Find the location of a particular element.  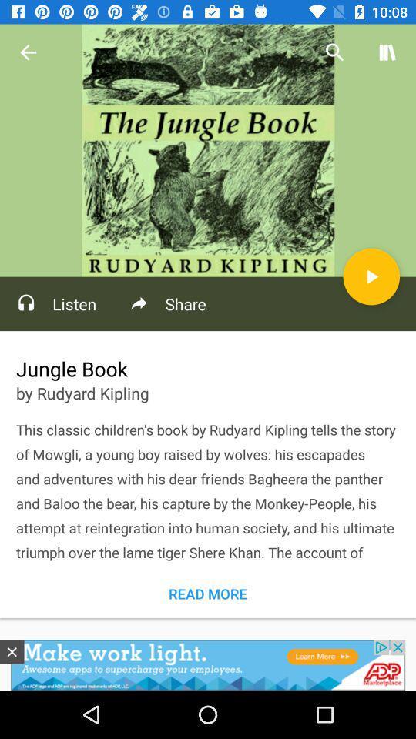

the play icon is located at coordinates (371, 276).